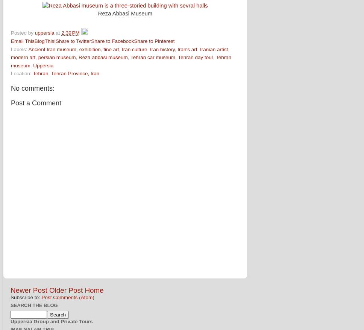 This screenshot has height=330, width=364. I want to click on 'Reza abbasi museum', so click(103, 57).